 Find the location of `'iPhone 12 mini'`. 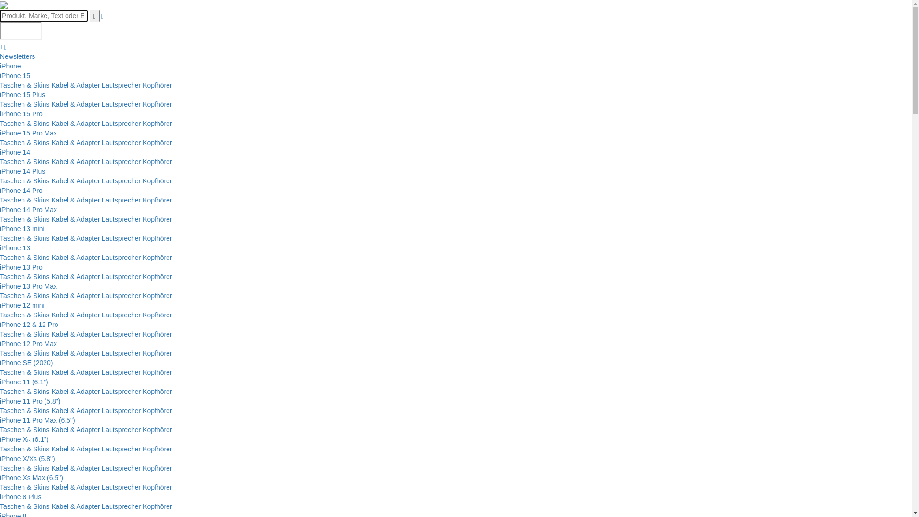

'iPhone 12 mini' is located at coordinates (22, 305).